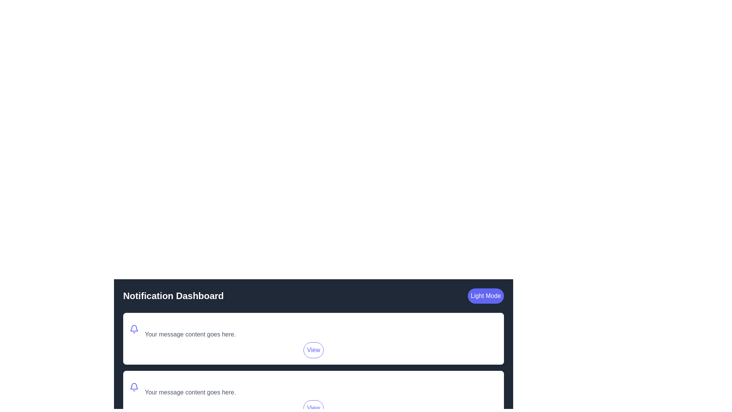 The width and height of the screenshot is (732, 412). I want to click on the button located on the far right side of the 'Notification Dashboard' section, so click(485, 295).